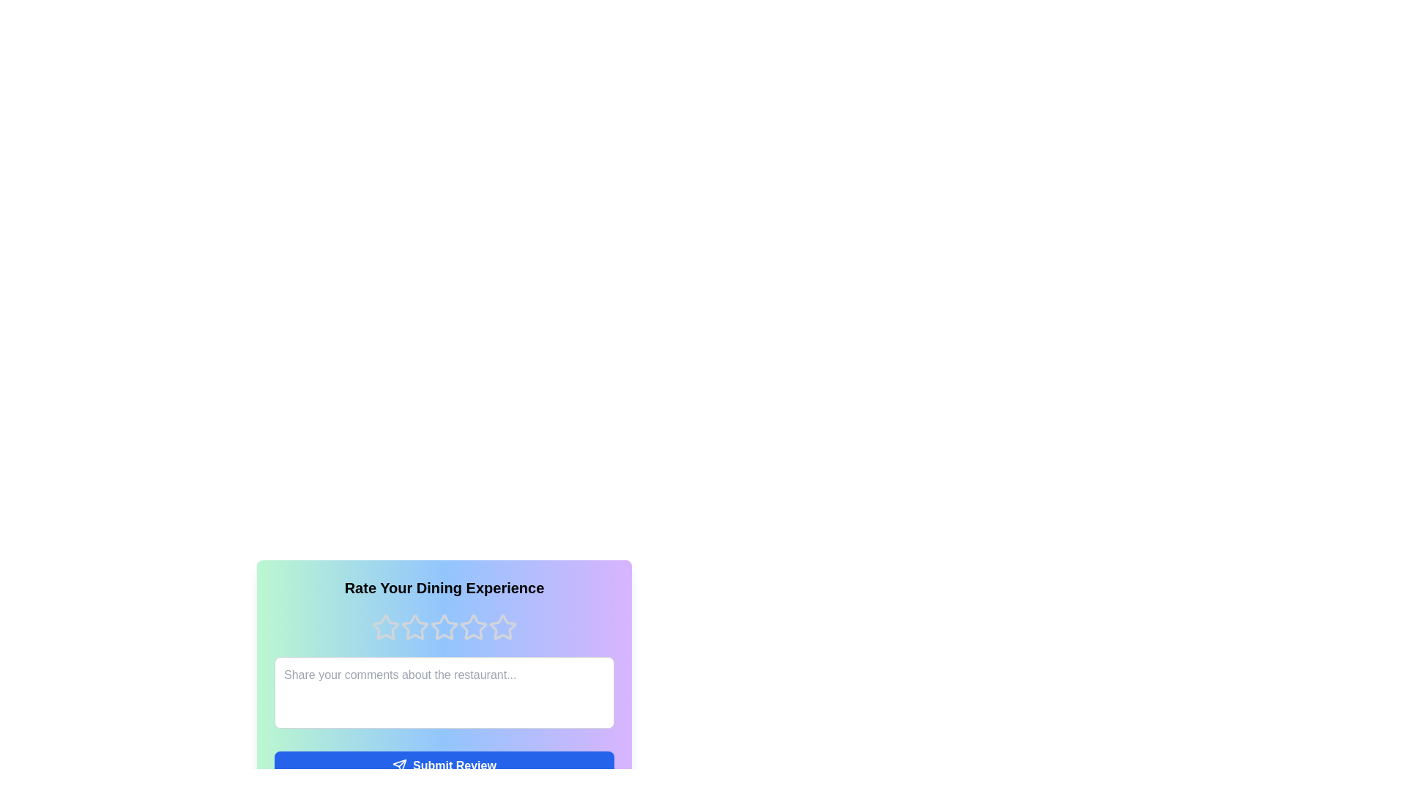  Describe the element at coordinates (474, 626) in the screenshot. I see `the third star icon in the rating system` at that location.